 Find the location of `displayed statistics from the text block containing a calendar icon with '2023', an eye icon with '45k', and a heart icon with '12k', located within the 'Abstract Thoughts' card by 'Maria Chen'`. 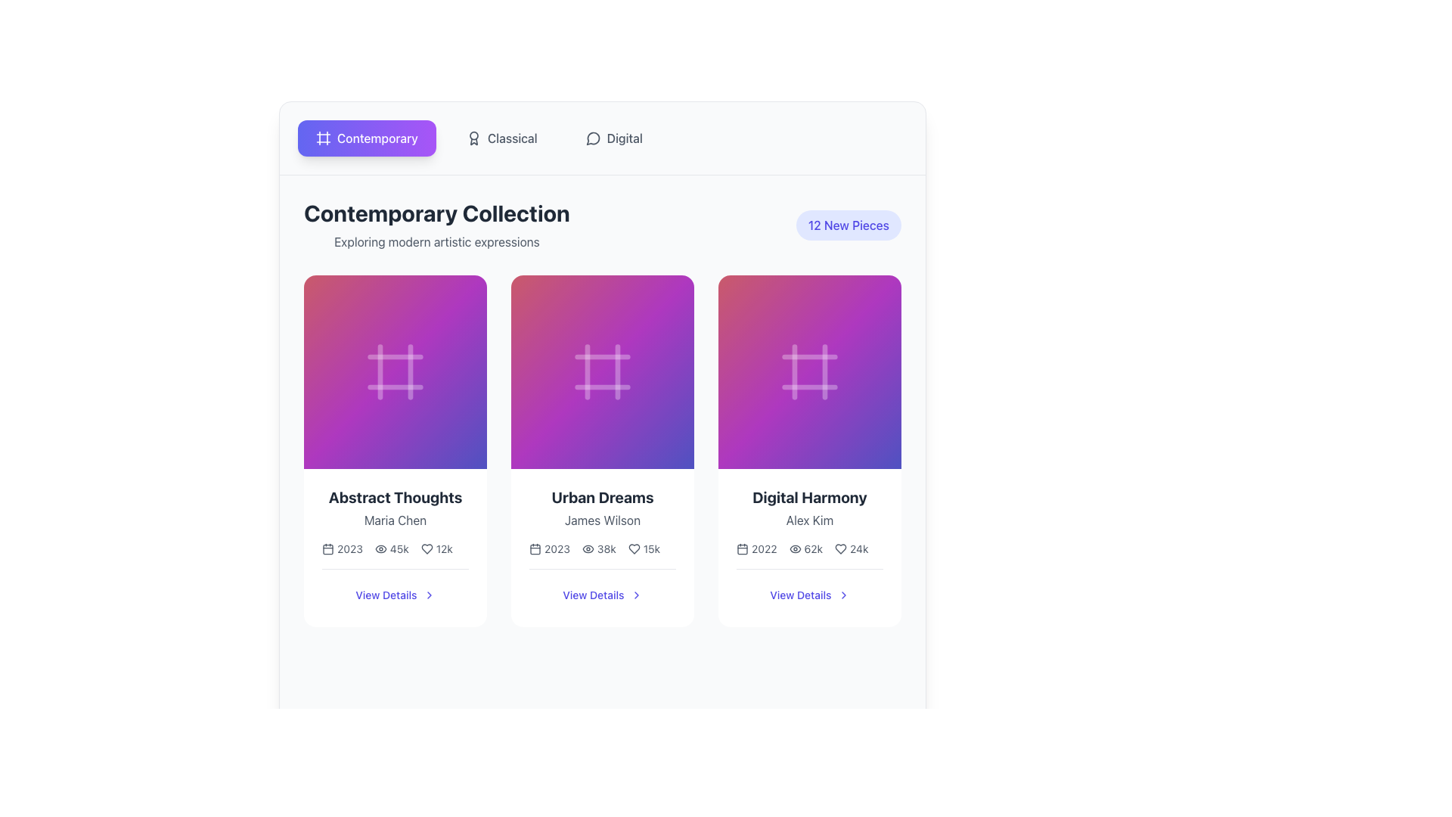

displayed statistics from the text block containing a calendar icon with '2023', an eye icon with '45k', and a heart icon with '12k', located within the 'Abstract Thoughts' card by 'Maria Chen' is located at coordinates (396, 548).